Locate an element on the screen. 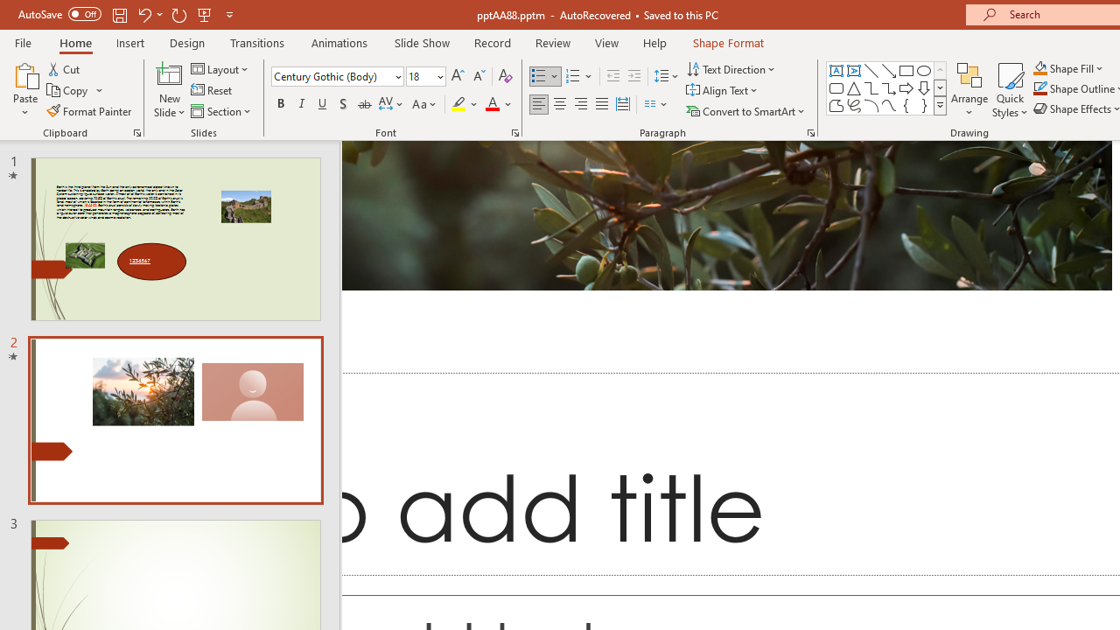 The image size is (1120, 630). 'Layout' is located at coordinates (220, 68).